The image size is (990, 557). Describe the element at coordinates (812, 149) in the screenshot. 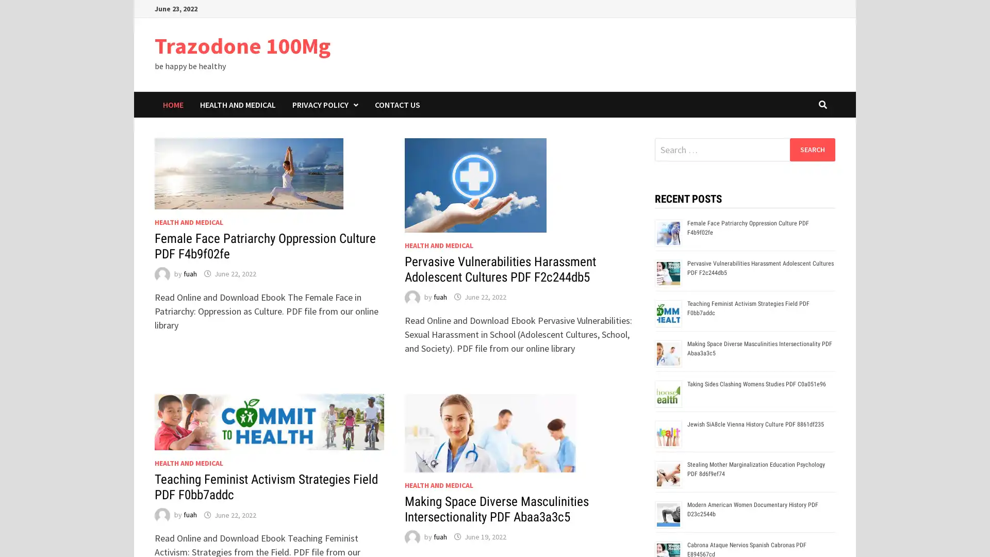

I see `Search` at that location.